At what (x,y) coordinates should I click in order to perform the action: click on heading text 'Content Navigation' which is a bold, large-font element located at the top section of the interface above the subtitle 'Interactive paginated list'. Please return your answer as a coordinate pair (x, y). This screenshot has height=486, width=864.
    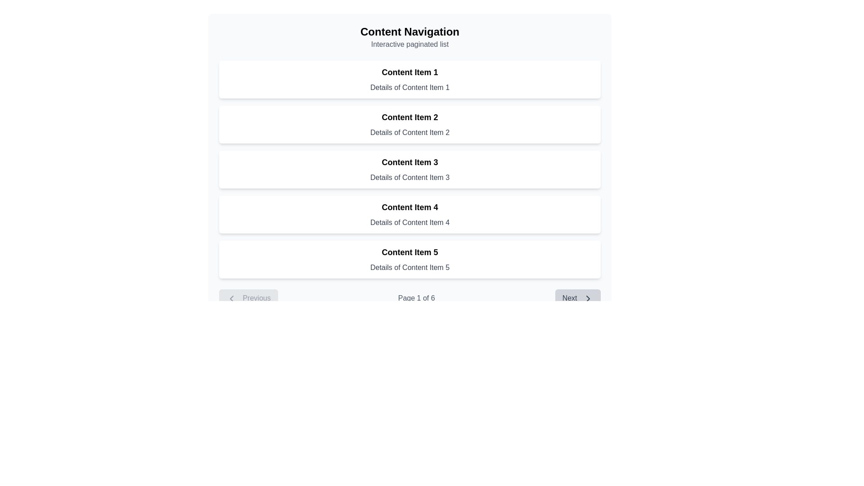
    Looking at the image, I should click on (409, 31).